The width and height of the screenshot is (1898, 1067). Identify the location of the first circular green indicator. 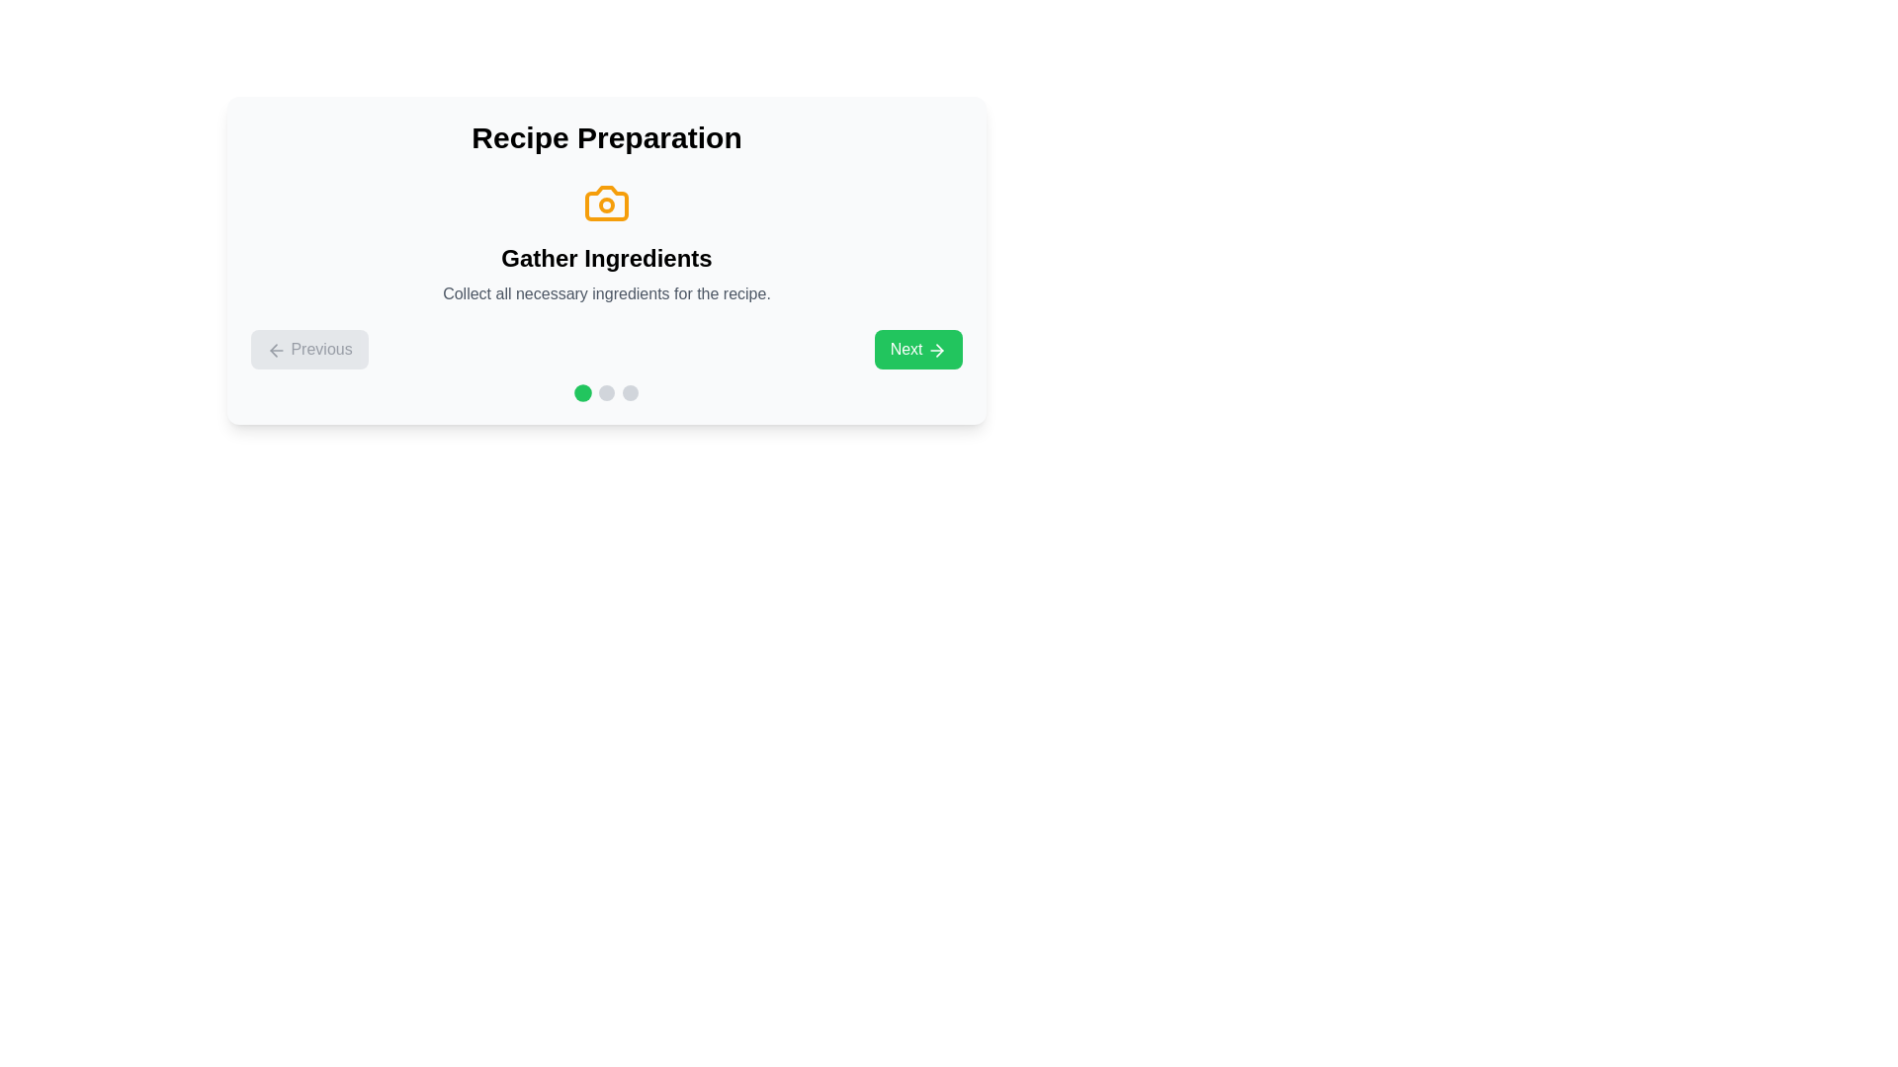
(582, 392).